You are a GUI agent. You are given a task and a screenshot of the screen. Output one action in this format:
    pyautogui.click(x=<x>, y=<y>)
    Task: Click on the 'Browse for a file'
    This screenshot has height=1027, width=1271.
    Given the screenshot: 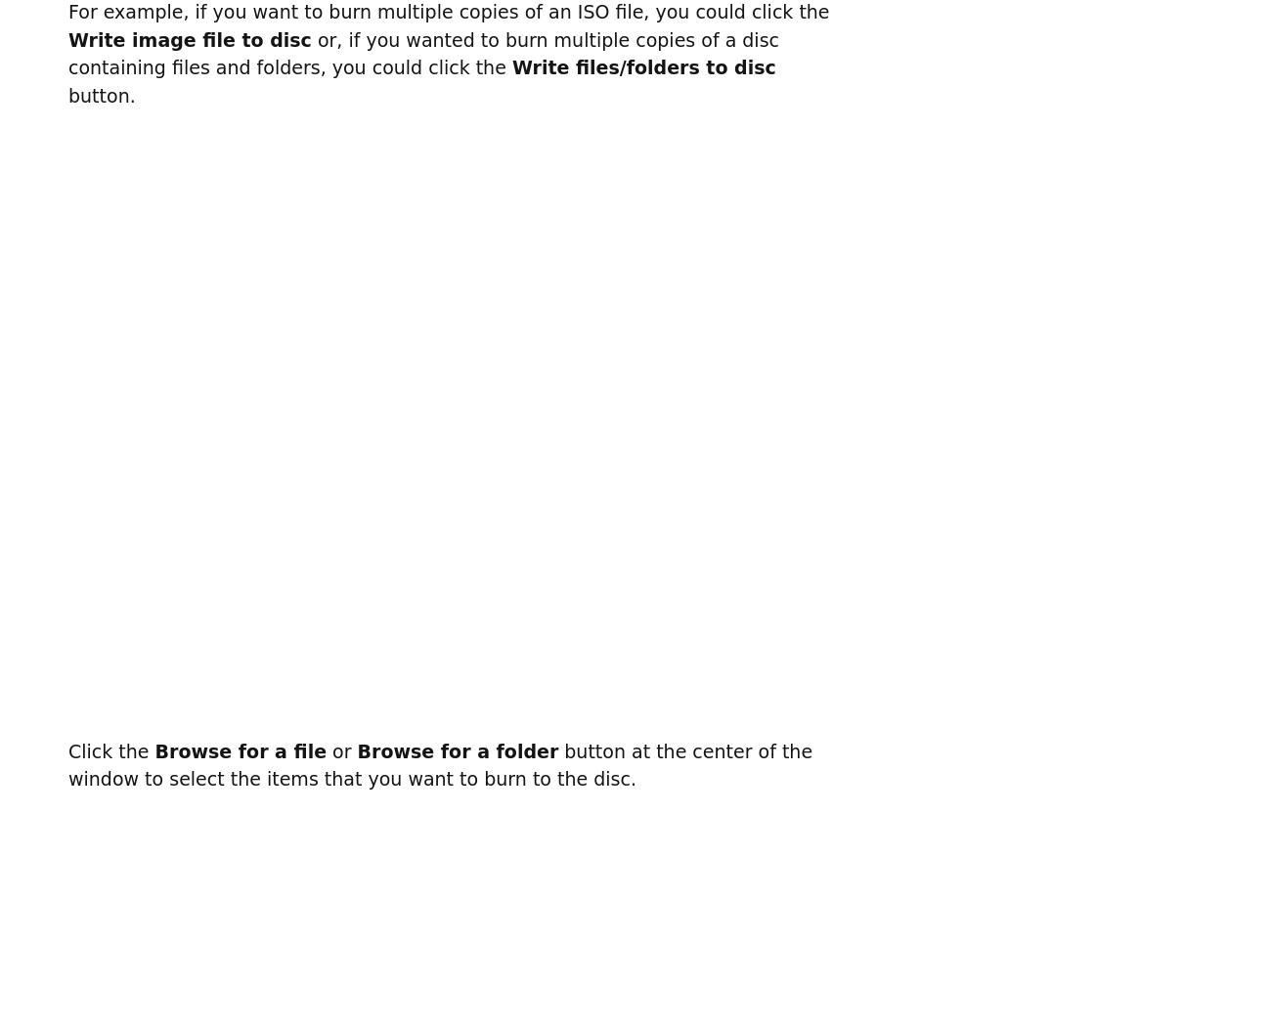 What is the action you would take?
    pyautogui.click(x=153, y=749)
    